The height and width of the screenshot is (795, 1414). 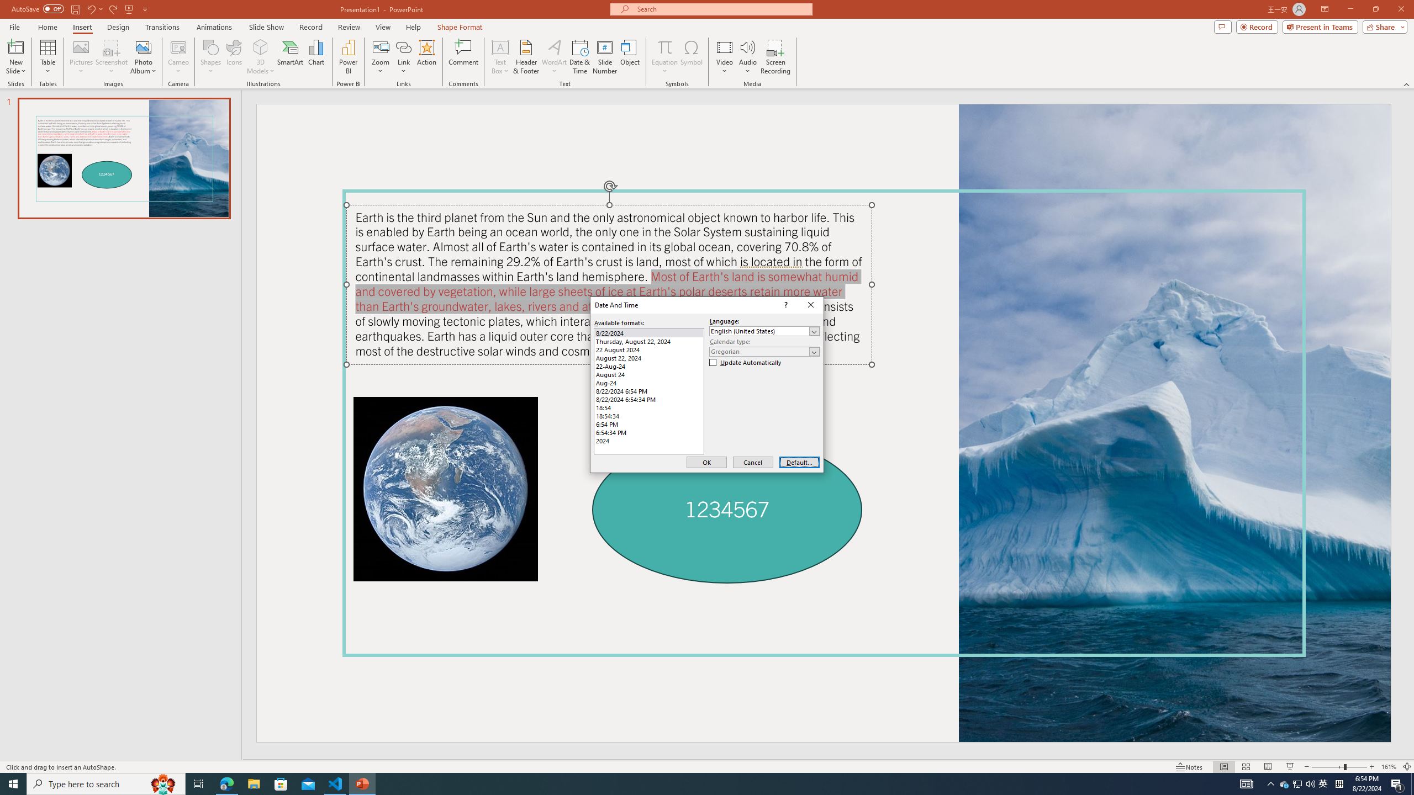 What do you see at coordinates (1397, 783) in the screenshot?
I see `'Action Center, 1 new notification'` at bounding box center [1397, 783].